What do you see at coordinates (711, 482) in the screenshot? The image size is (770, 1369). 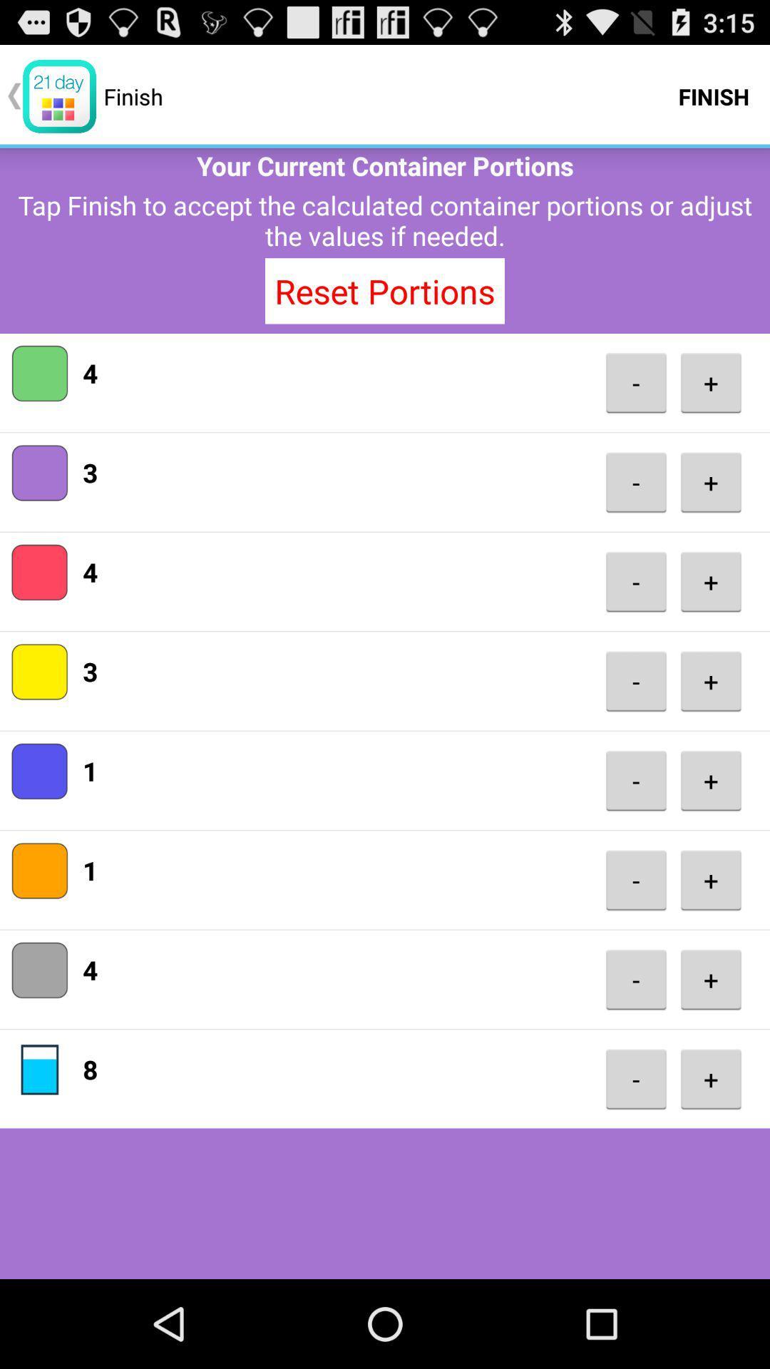 I see `+` at bounding box center [711, 482].